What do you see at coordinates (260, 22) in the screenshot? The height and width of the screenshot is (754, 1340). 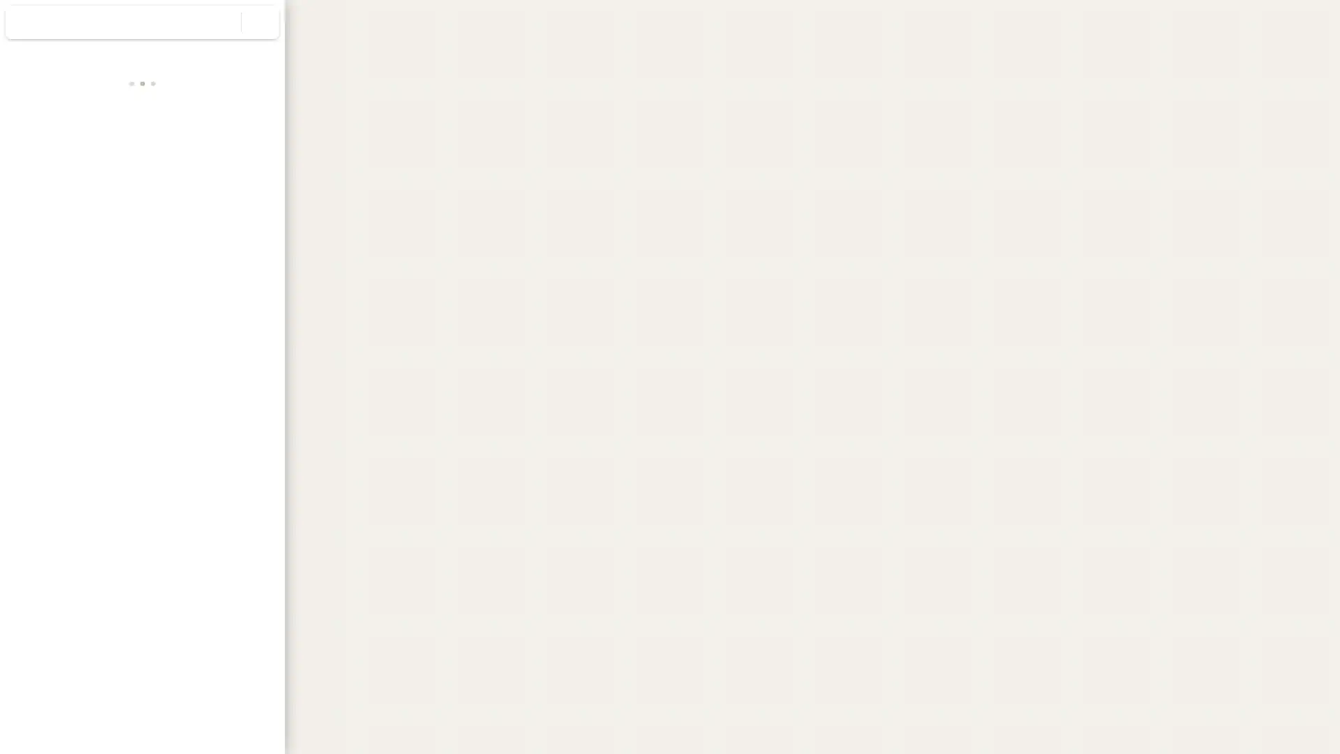 I see `Clear search` at bounding box center [260, 22].